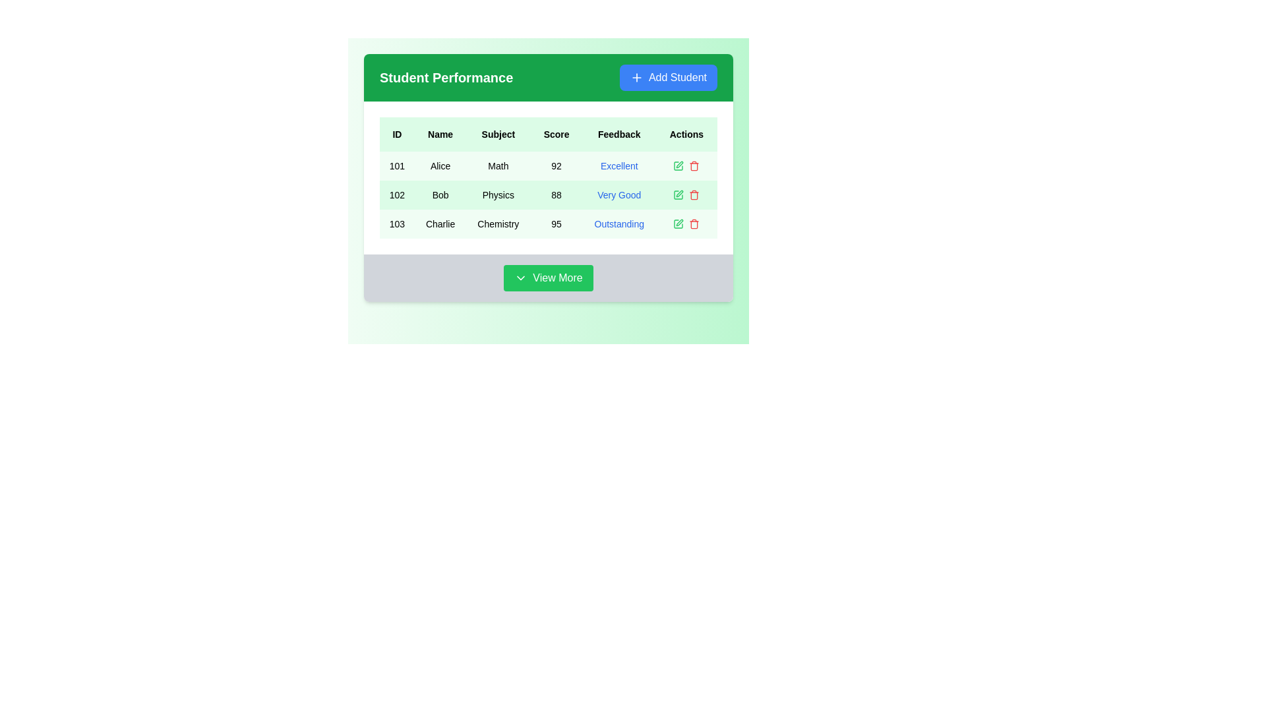 The height and width of the screenshot is (712, 1266). I want to click on the Text label in the third column of the row corresponding to ID '103' and Name 'Charlie' under the 'Subject' header, so click(497, 223).